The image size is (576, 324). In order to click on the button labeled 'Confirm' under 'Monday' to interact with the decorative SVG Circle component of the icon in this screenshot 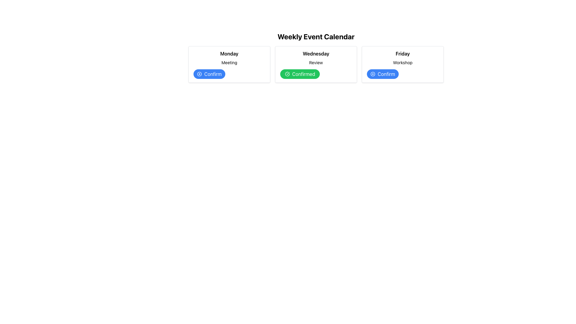, I will do `click(199, 73)`.